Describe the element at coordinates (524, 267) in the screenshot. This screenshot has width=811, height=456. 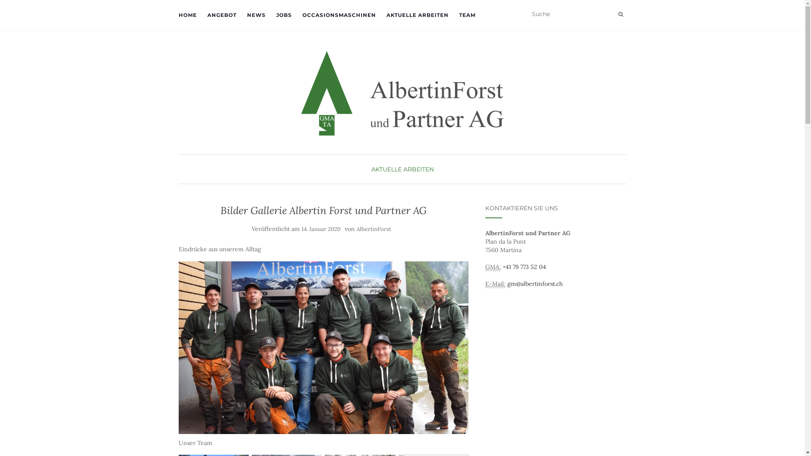
I see `'+41 79 773 52 04'` at that location.